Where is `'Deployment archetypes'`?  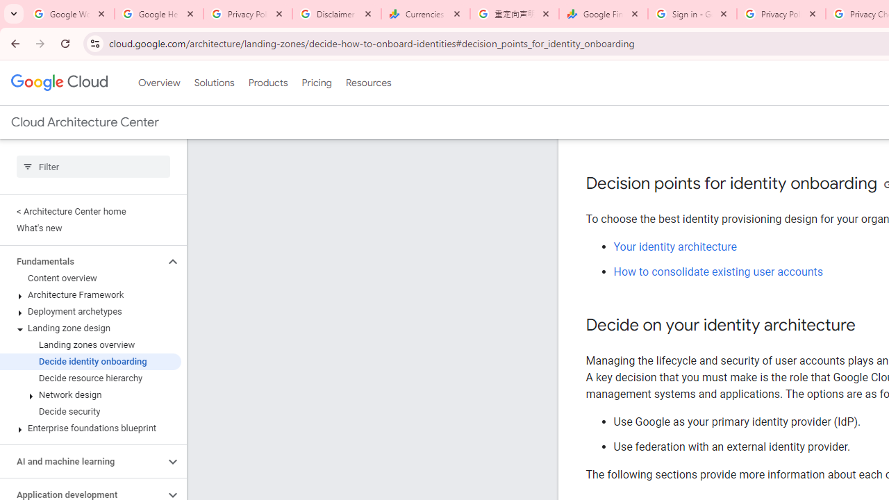
'Deployment archetypes' is located at coordinates (90, 310).